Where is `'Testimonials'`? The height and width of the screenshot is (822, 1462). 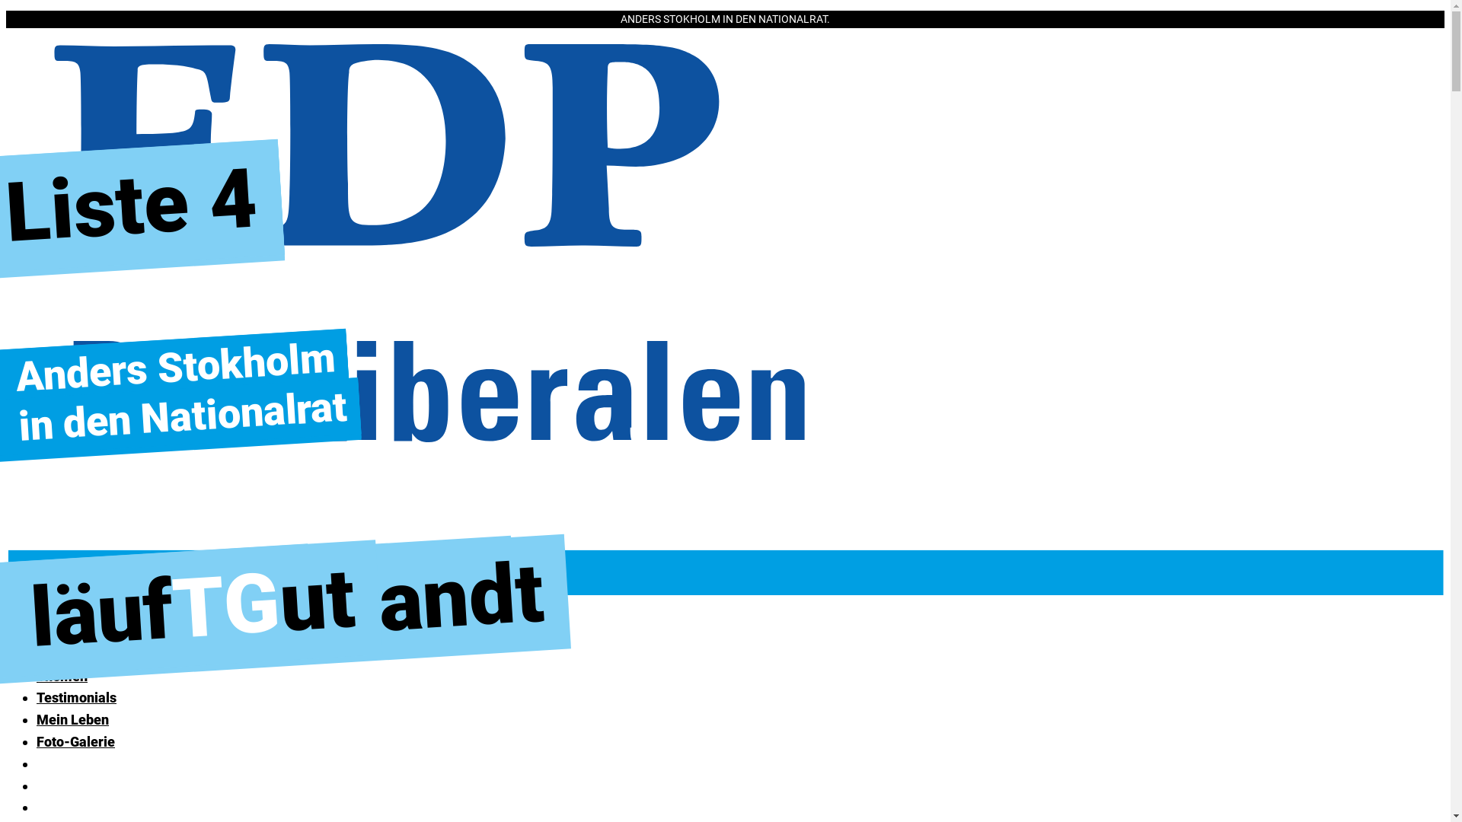
'Testimonials' is located at coordinates (75, 697).